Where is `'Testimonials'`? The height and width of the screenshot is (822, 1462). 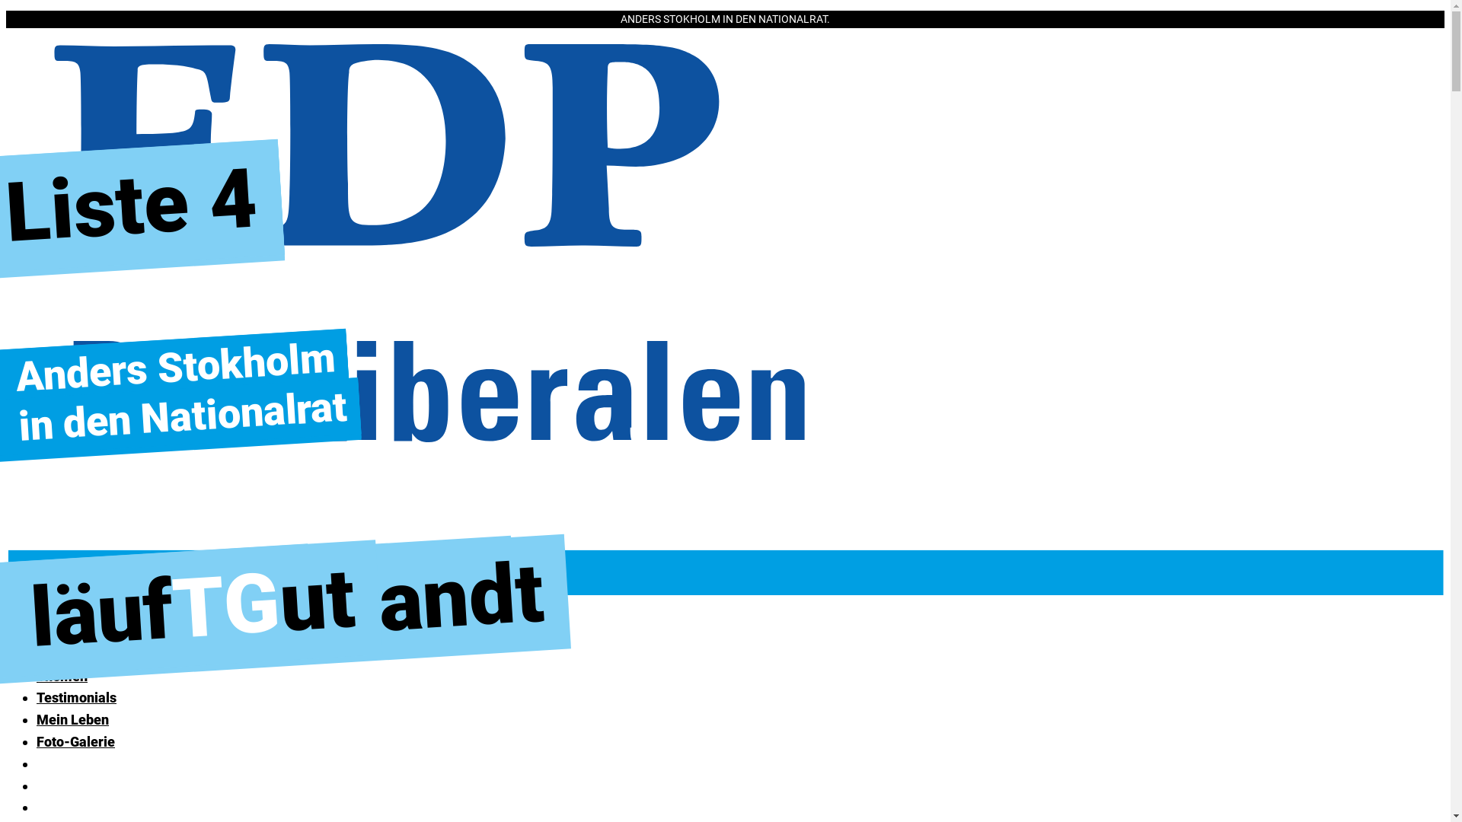
'Testimonials' is located at coordinates (75, 697).